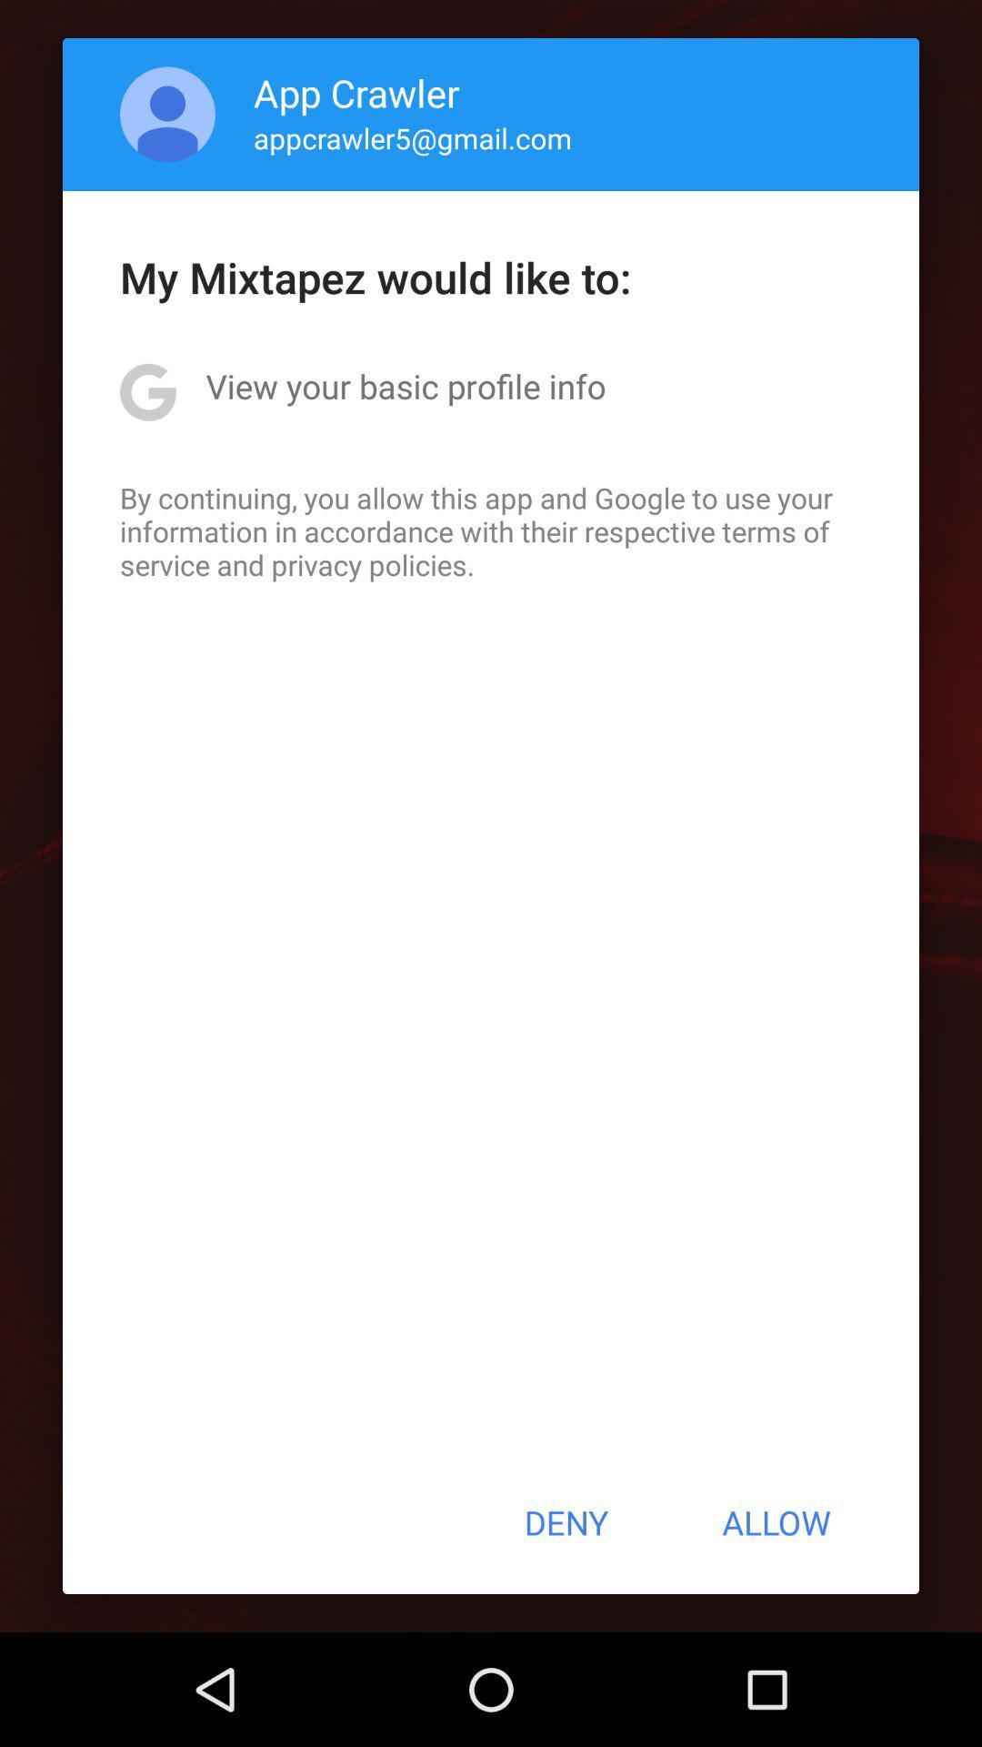 The height and width of the screenshot is (1747, 982). I want to click on the item above the my mixtapez would icon, so click(413, 136).